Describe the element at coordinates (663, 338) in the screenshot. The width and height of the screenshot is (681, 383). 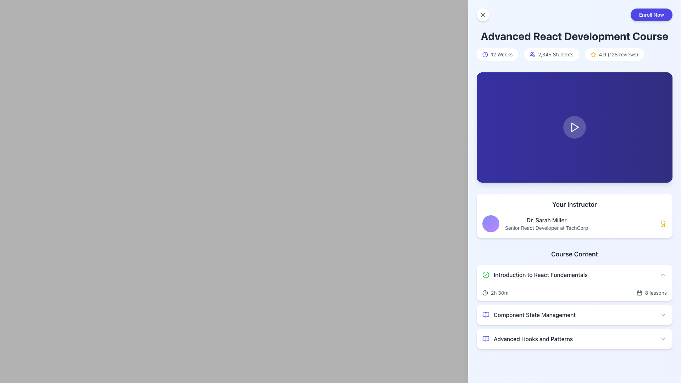
I see `the icon located on the far right side of the 'Advanced Hooks and Patterns' section` at that location.